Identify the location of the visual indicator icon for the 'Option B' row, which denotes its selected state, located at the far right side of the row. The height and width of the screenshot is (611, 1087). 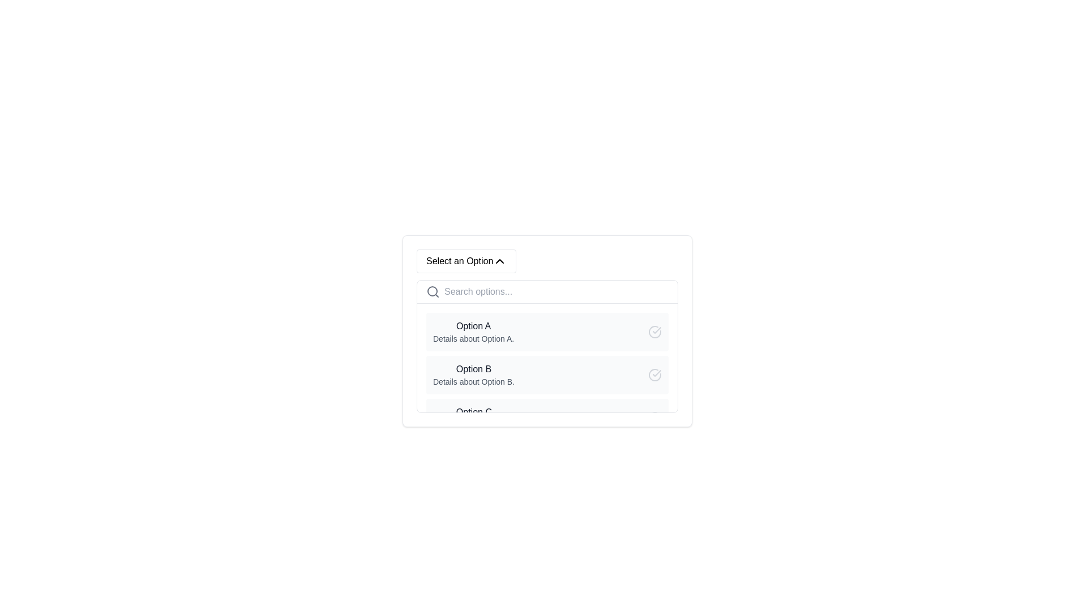
(654, 375).